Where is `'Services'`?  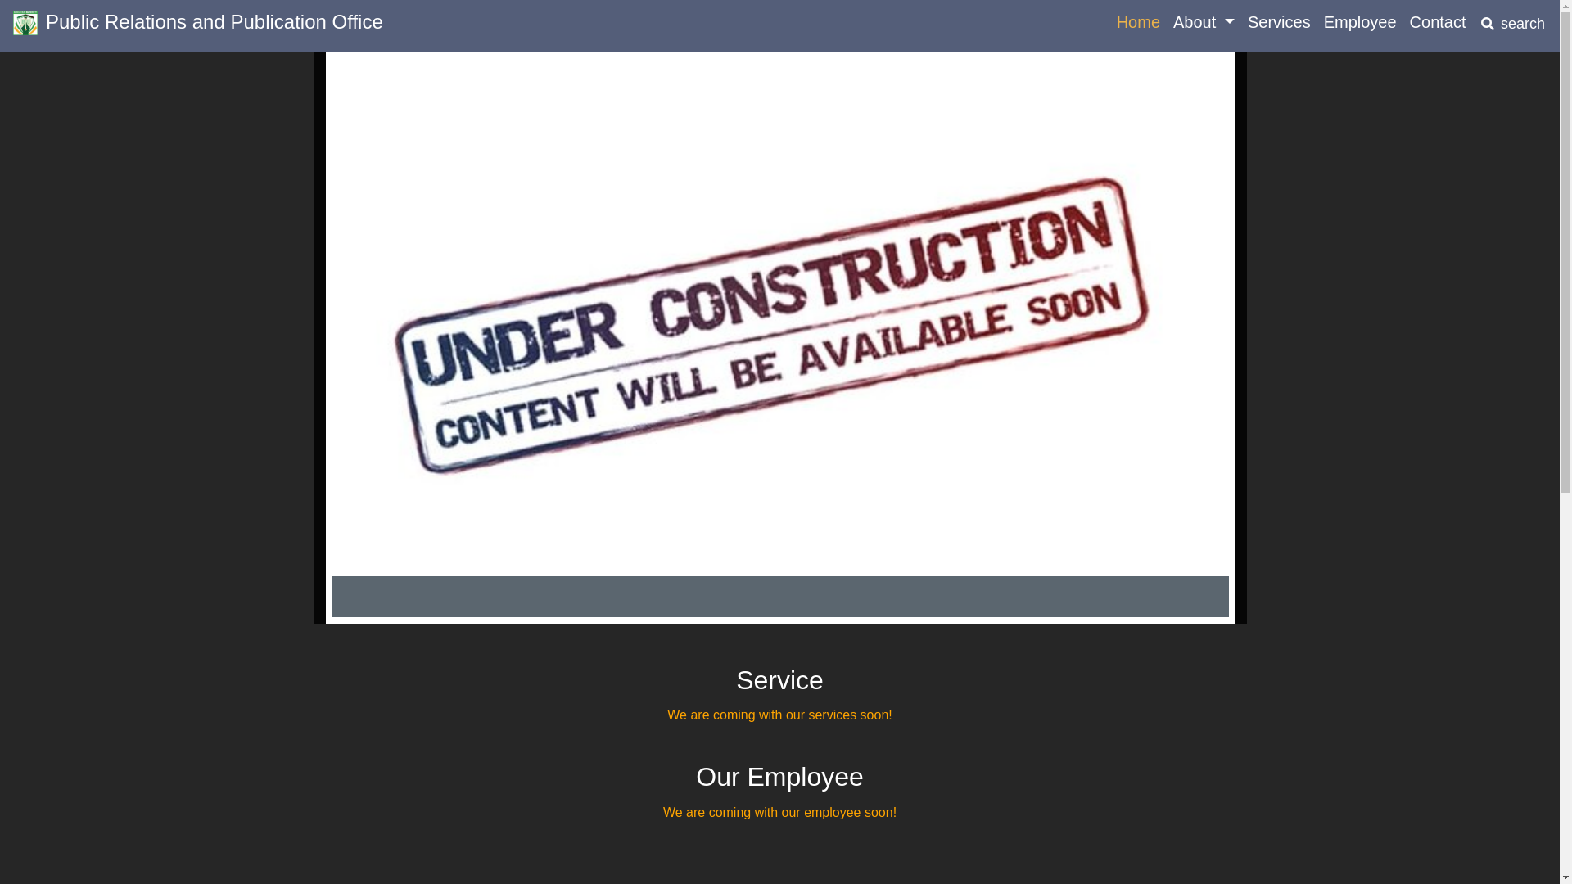
'Services' is located at coordinates (1241, 22).